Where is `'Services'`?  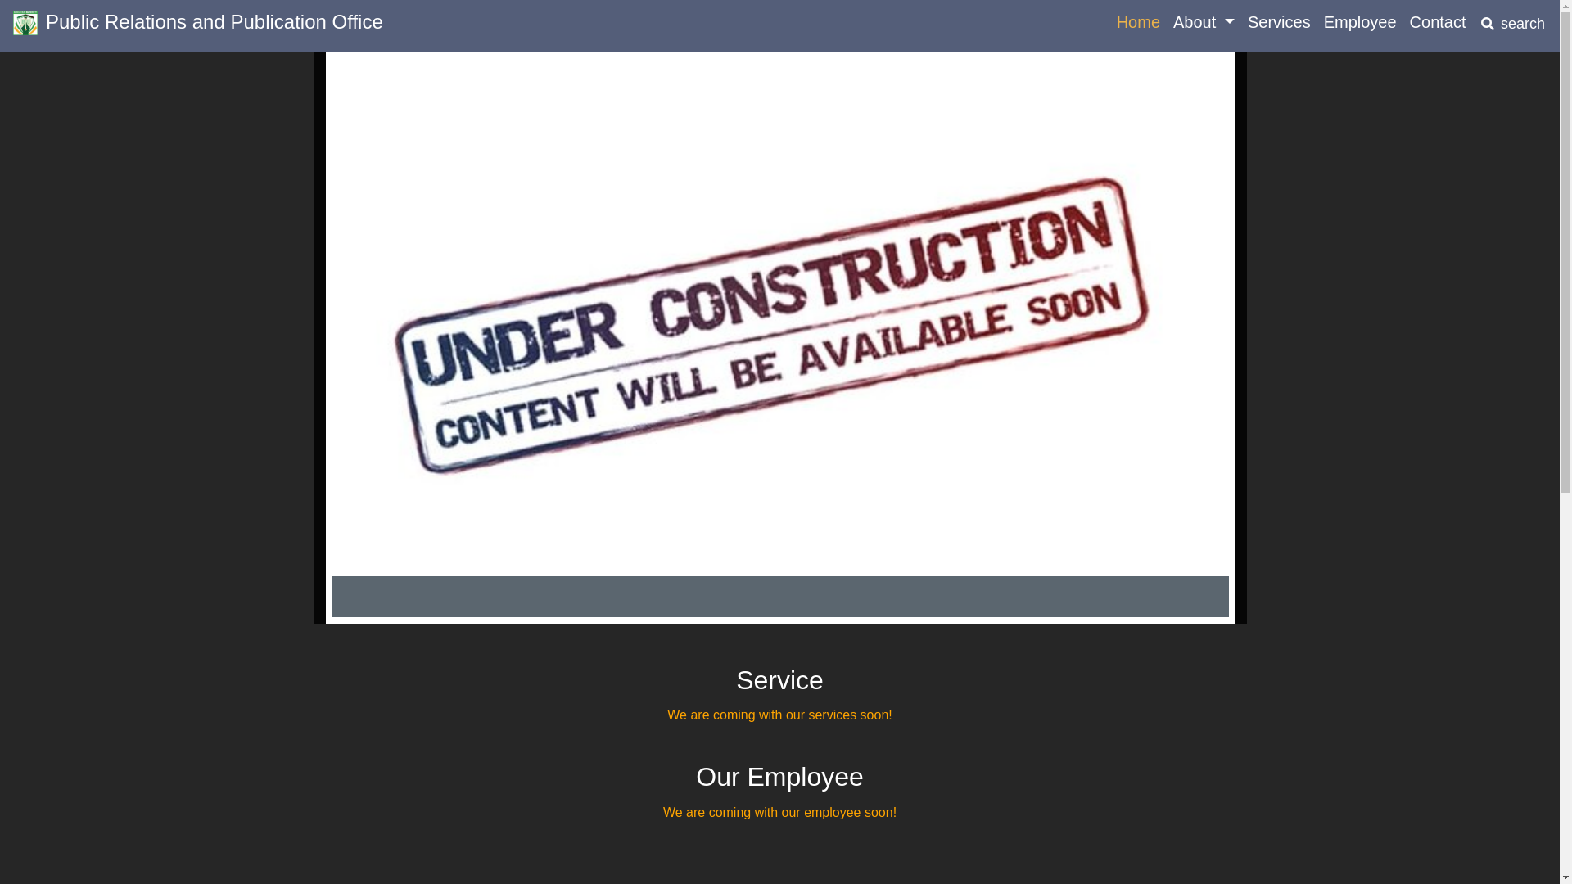
'Services' is located at coordinates (1241, 22).